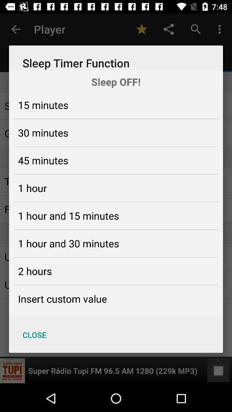 This screenshot has height=412, width=232. What do you see at coordinates (62, 299) in the screenshot?
I see `icon below 2 hours icon` at bounding box center [62, 299].